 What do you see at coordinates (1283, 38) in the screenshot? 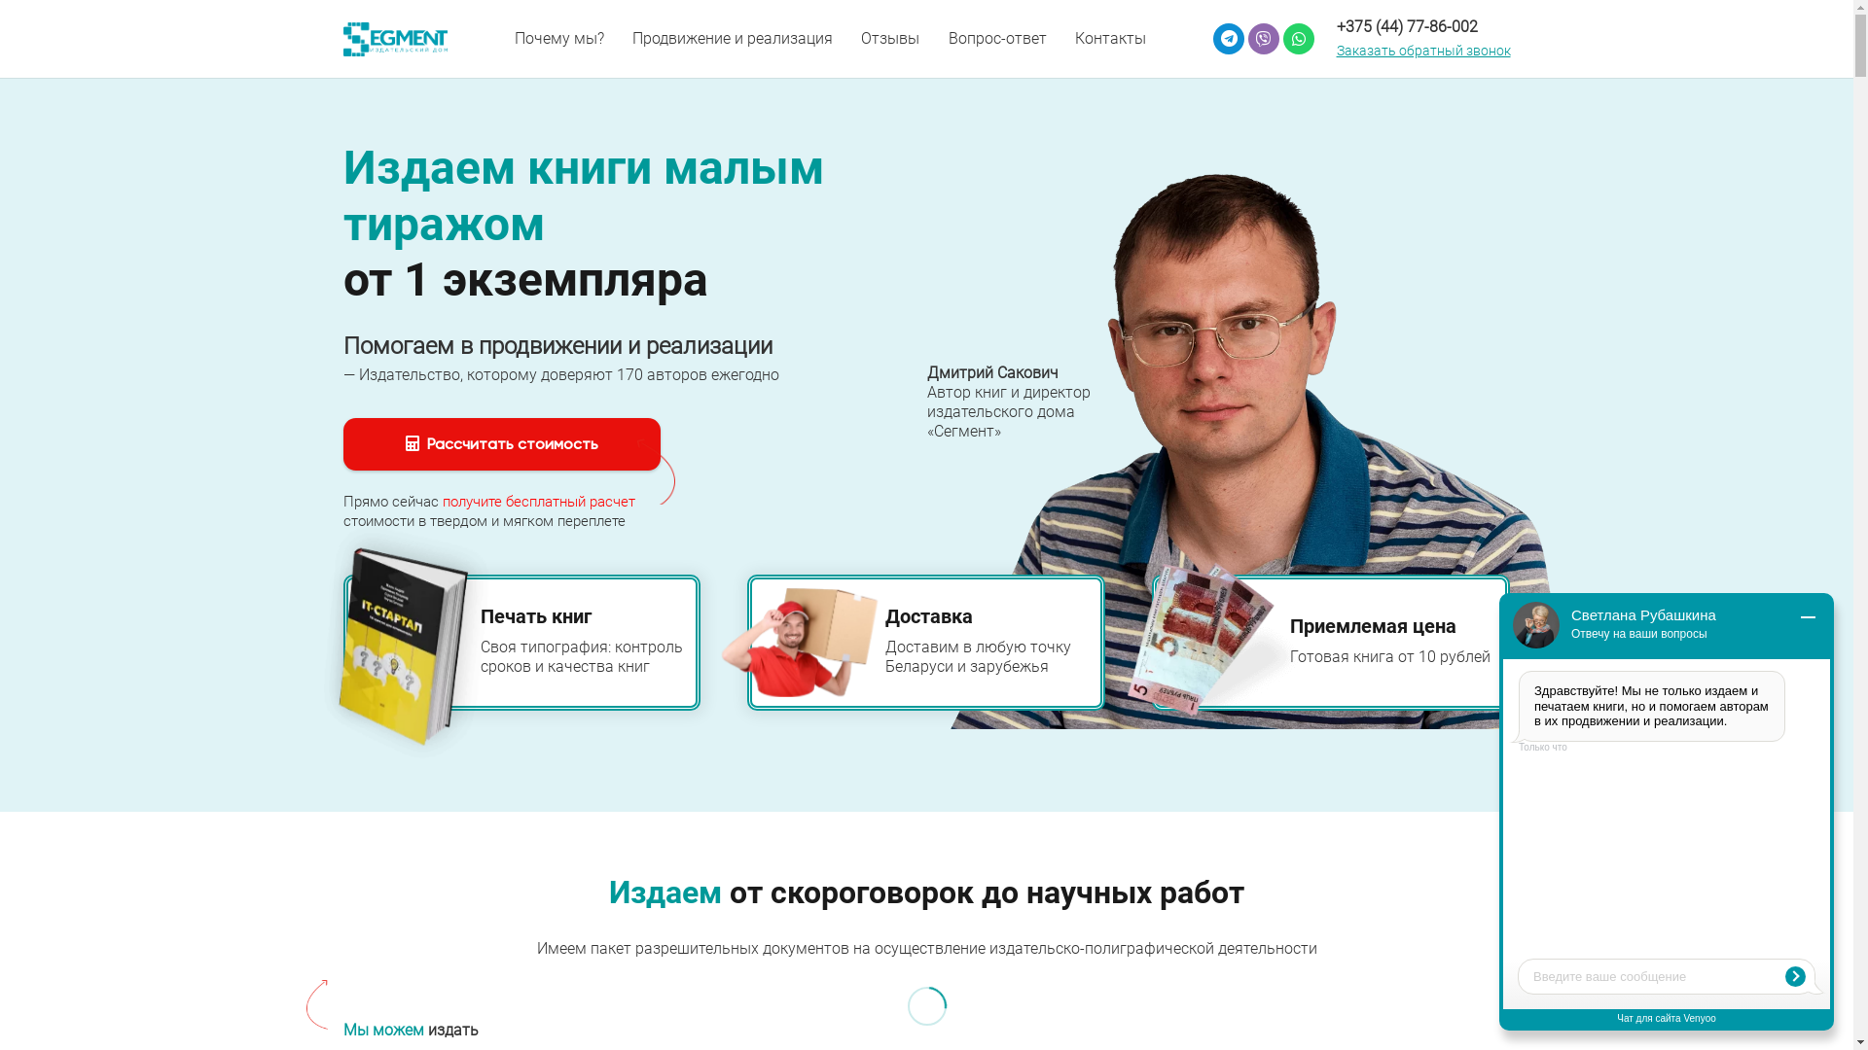
I see `'WhatsApp'` at bounding box center [1283, 38].